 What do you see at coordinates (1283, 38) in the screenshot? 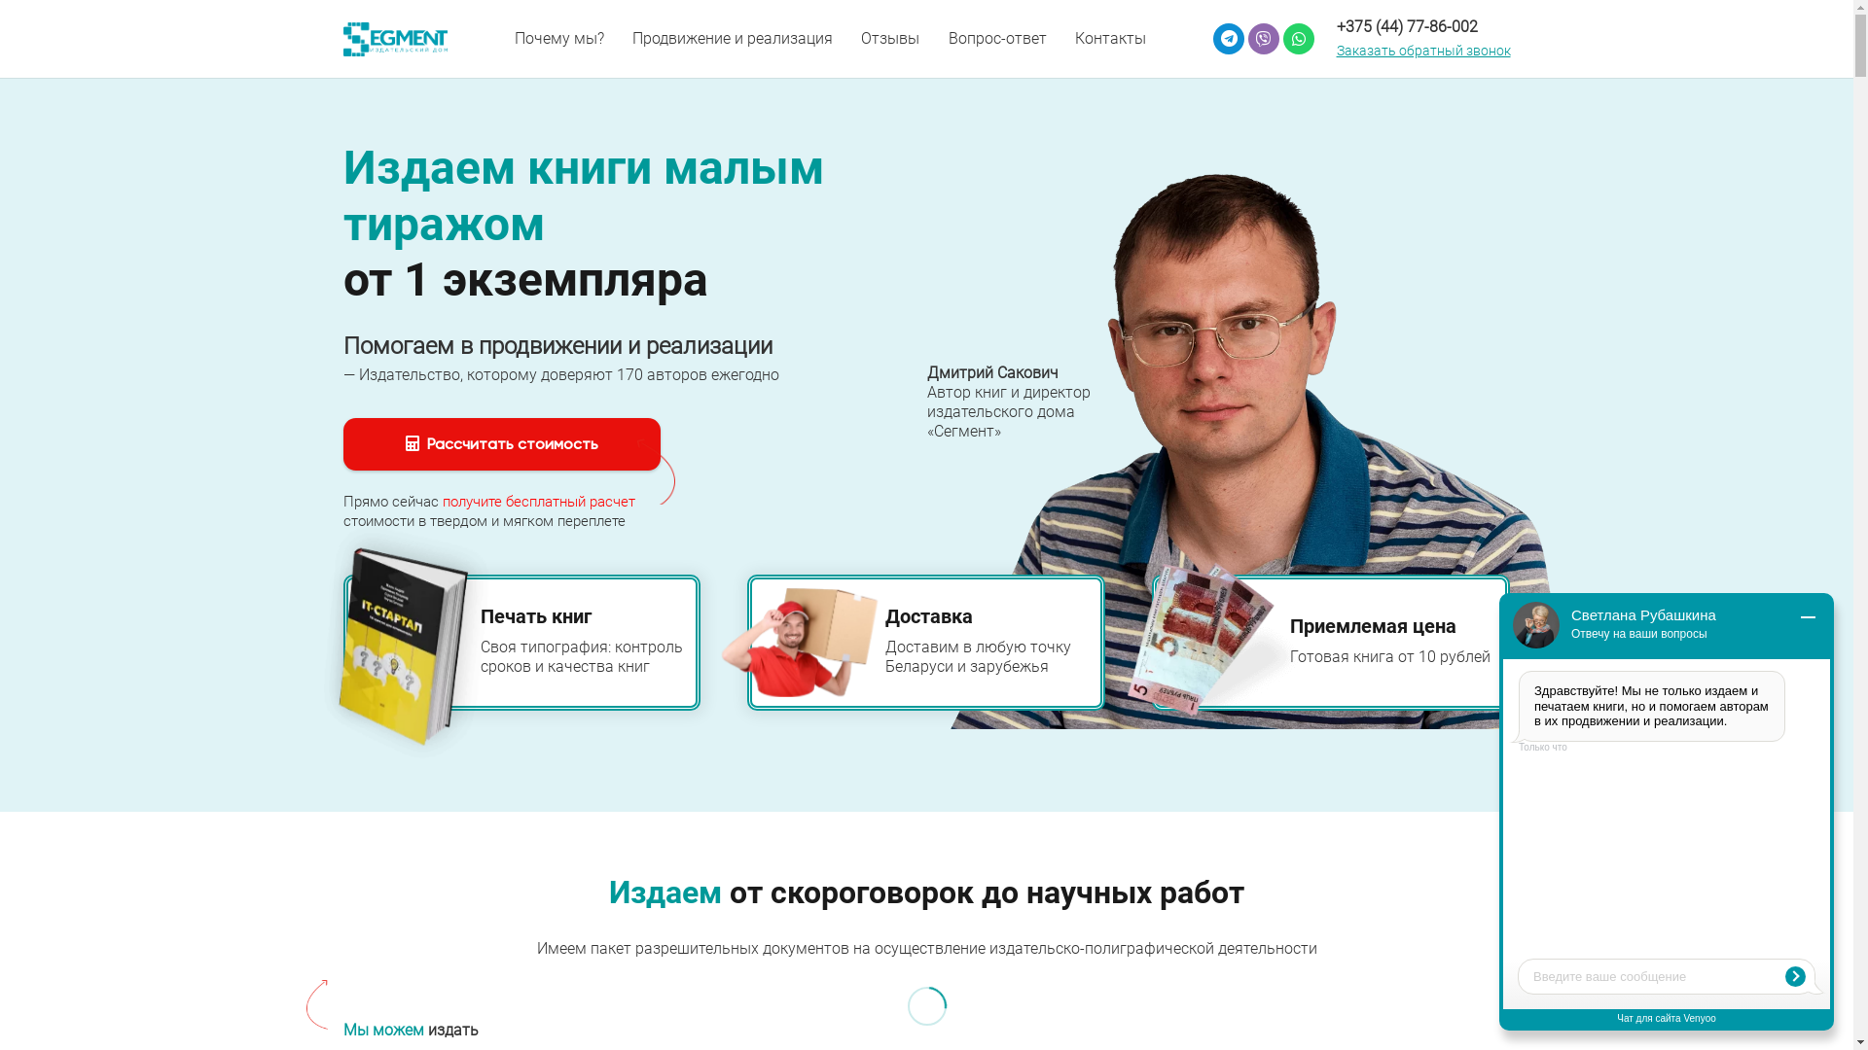
I see `'WhatsApp'` at bounding box center [1283, 38].